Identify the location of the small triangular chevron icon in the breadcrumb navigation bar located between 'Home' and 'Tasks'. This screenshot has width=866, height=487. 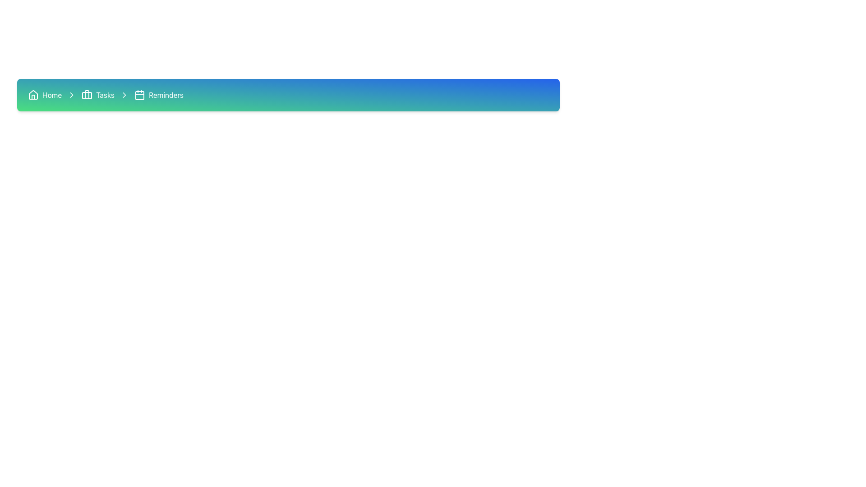
(124, 95).